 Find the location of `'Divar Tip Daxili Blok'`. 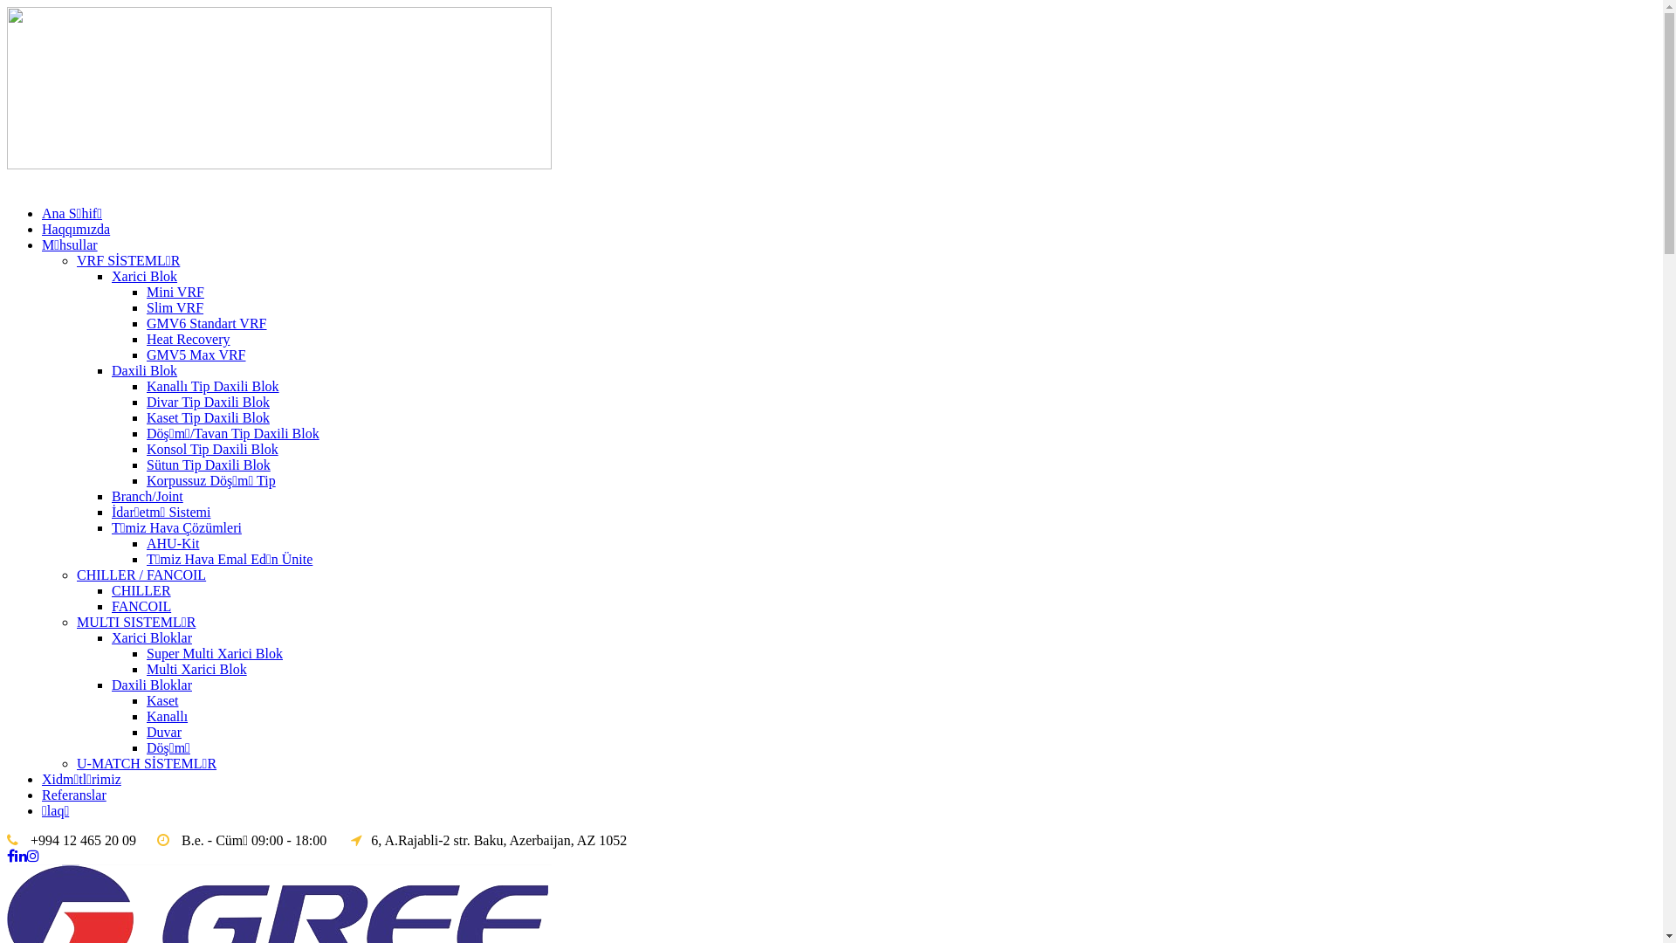

'Divar Tip Daxili Blok' is located at coordinates (208, 402).